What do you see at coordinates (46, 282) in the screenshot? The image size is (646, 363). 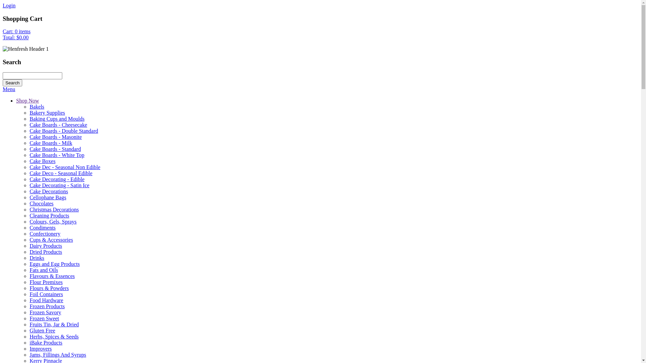 I see `'Flour Premixes'` at bounding box center [46, 282].